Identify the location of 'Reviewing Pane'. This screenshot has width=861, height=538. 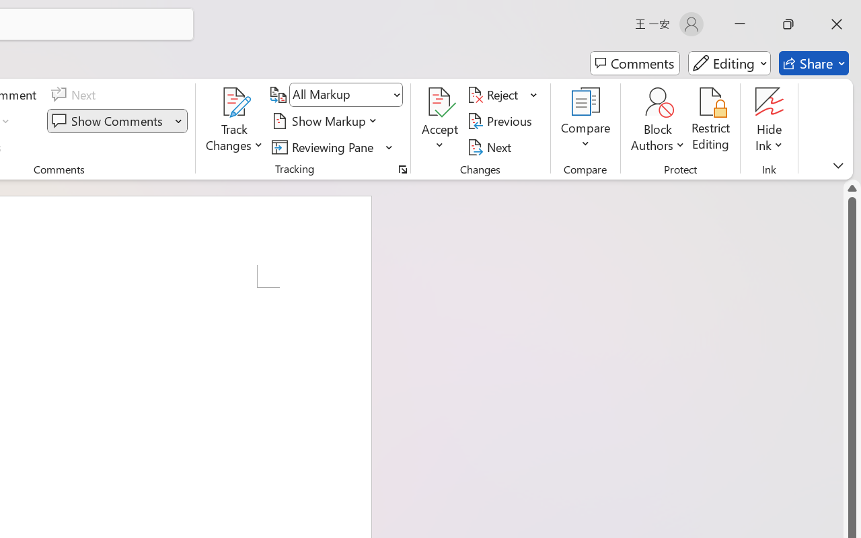
(332, 147).